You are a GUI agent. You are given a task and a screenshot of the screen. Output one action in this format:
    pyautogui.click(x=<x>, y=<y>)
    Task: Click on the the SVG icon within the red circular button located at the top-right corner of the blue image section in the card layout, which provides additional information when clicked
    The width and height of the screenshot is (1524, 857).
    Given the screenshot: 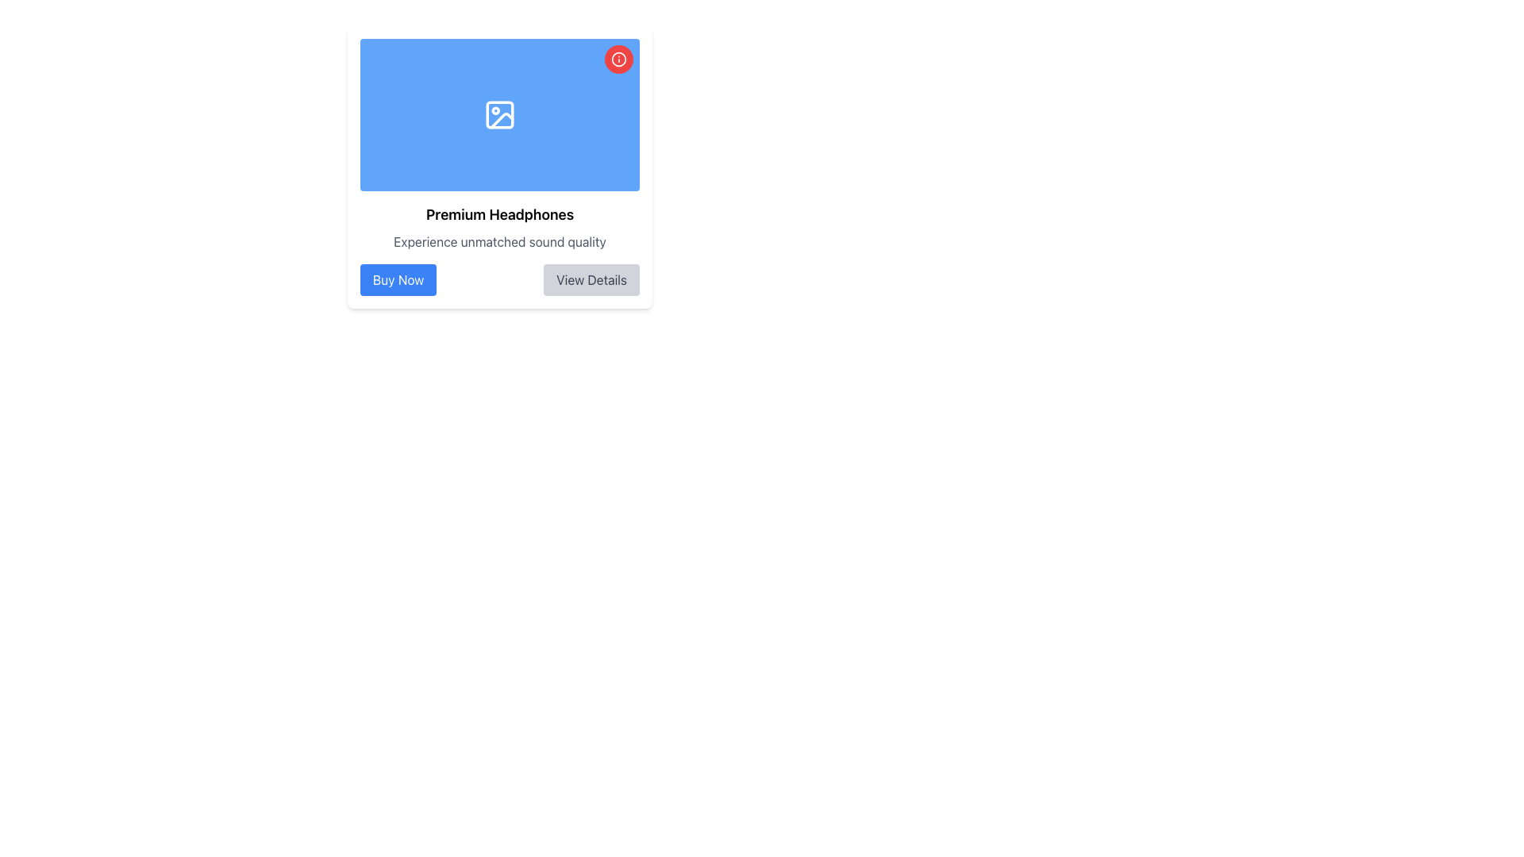 What is the action you would take?
    pyautogui.click(x=618, y=58)
    